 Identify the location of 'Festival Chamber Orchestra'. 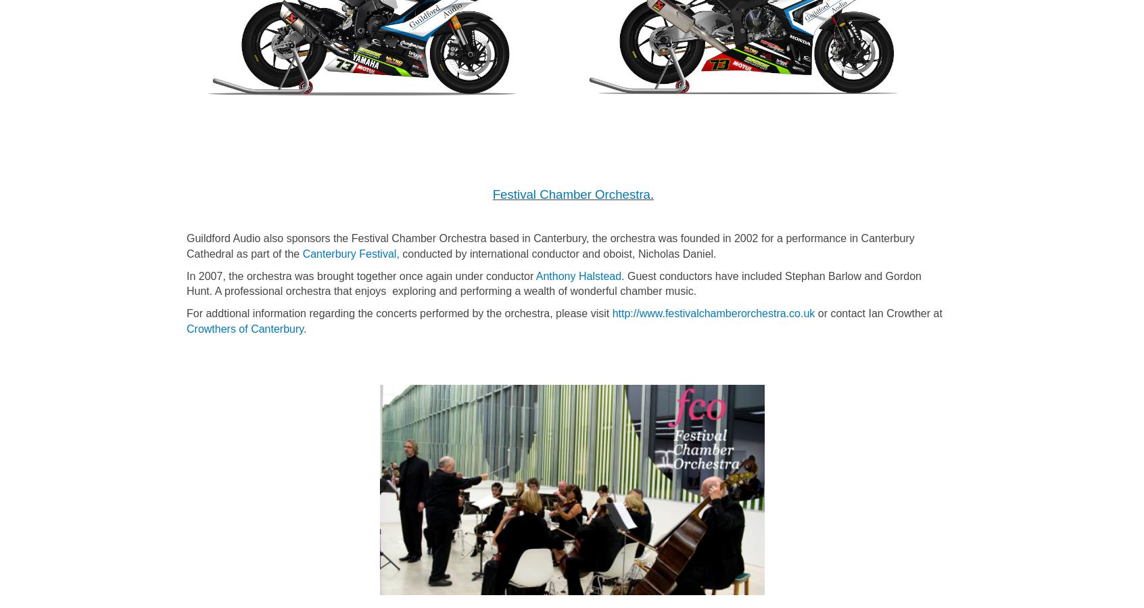
(492, 194).